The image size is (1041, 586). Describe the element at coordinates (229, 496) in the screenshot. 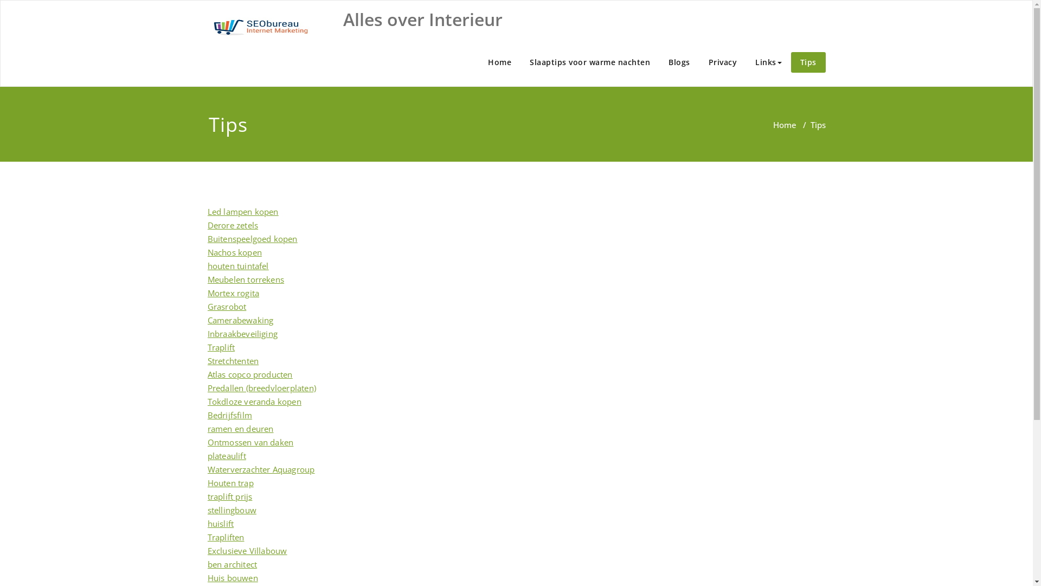

I see `'traplift prijs'` at that location.